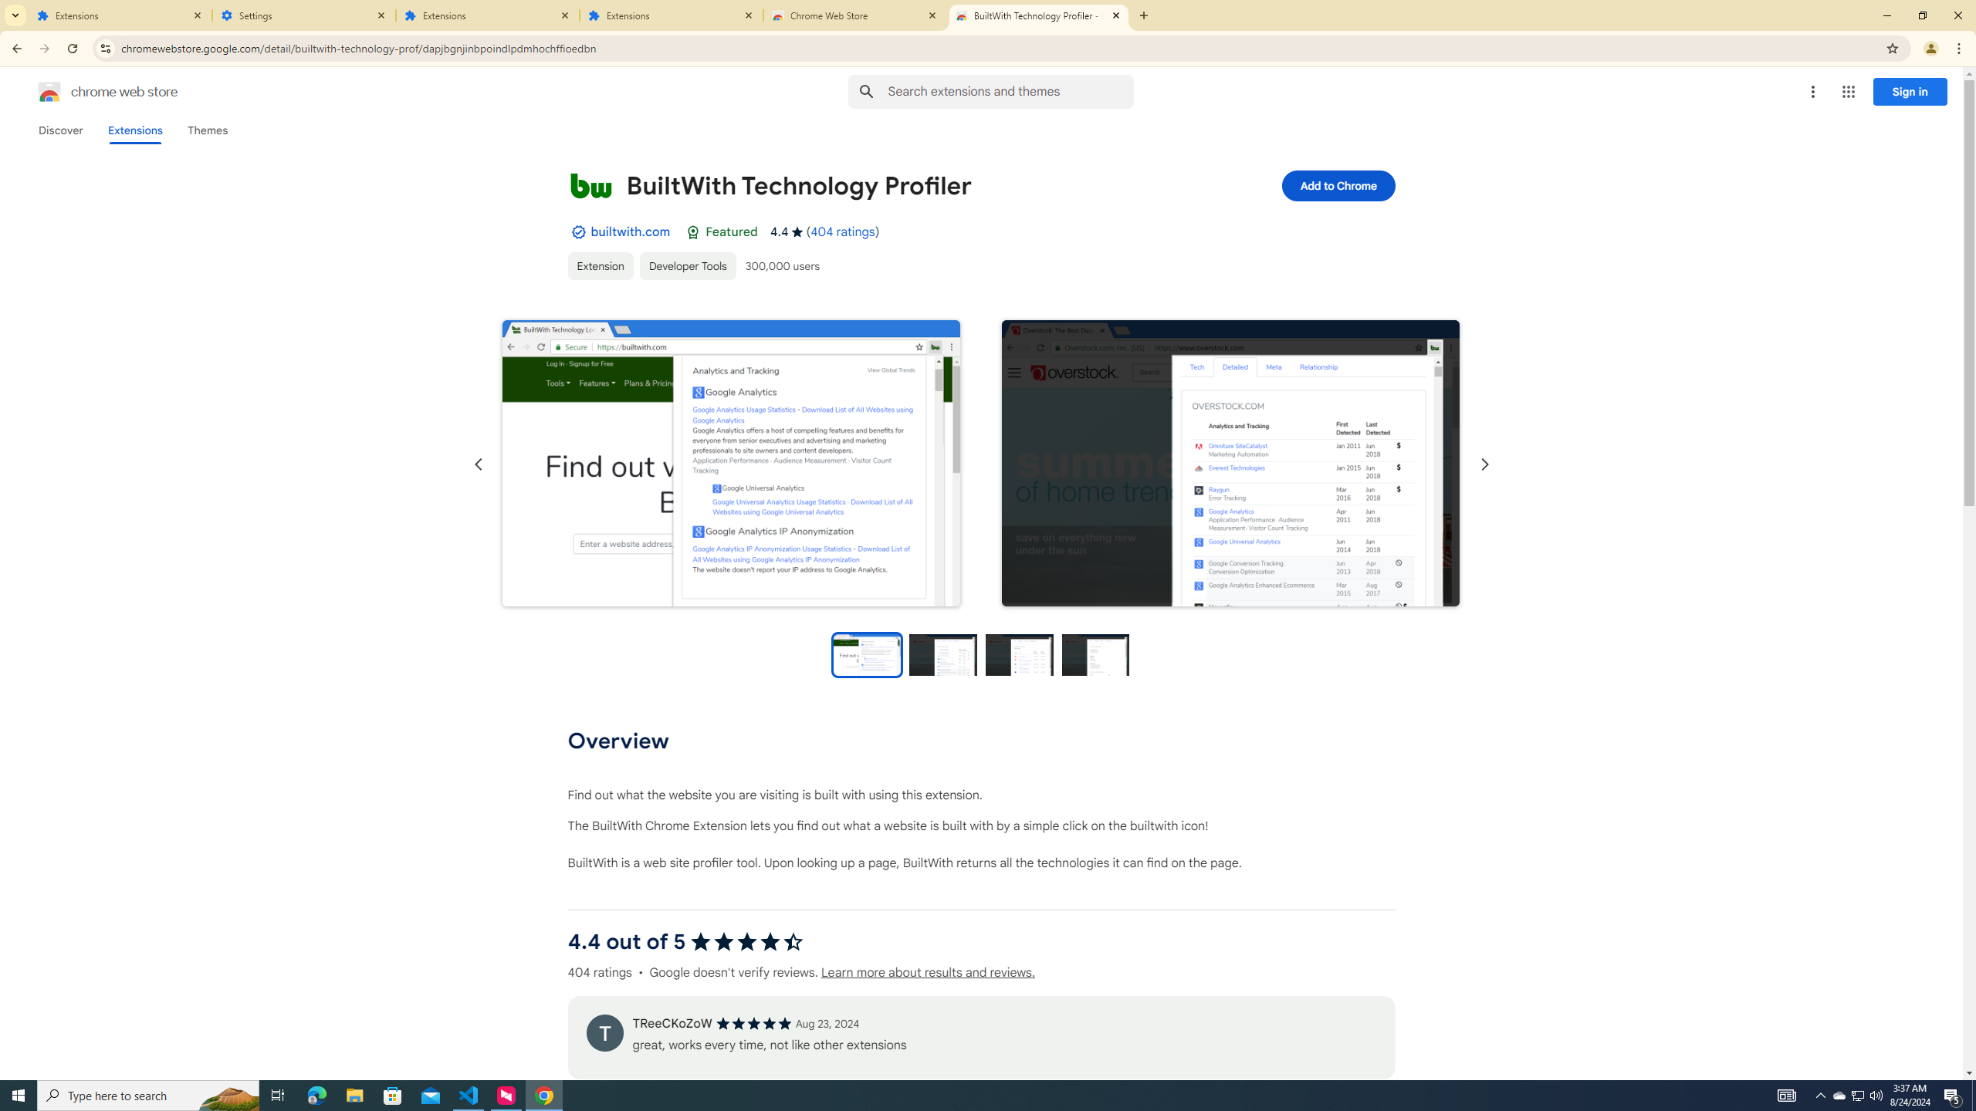 The image size is (1976, 1111). I want to click on '404 ratings', so click(842, 231).